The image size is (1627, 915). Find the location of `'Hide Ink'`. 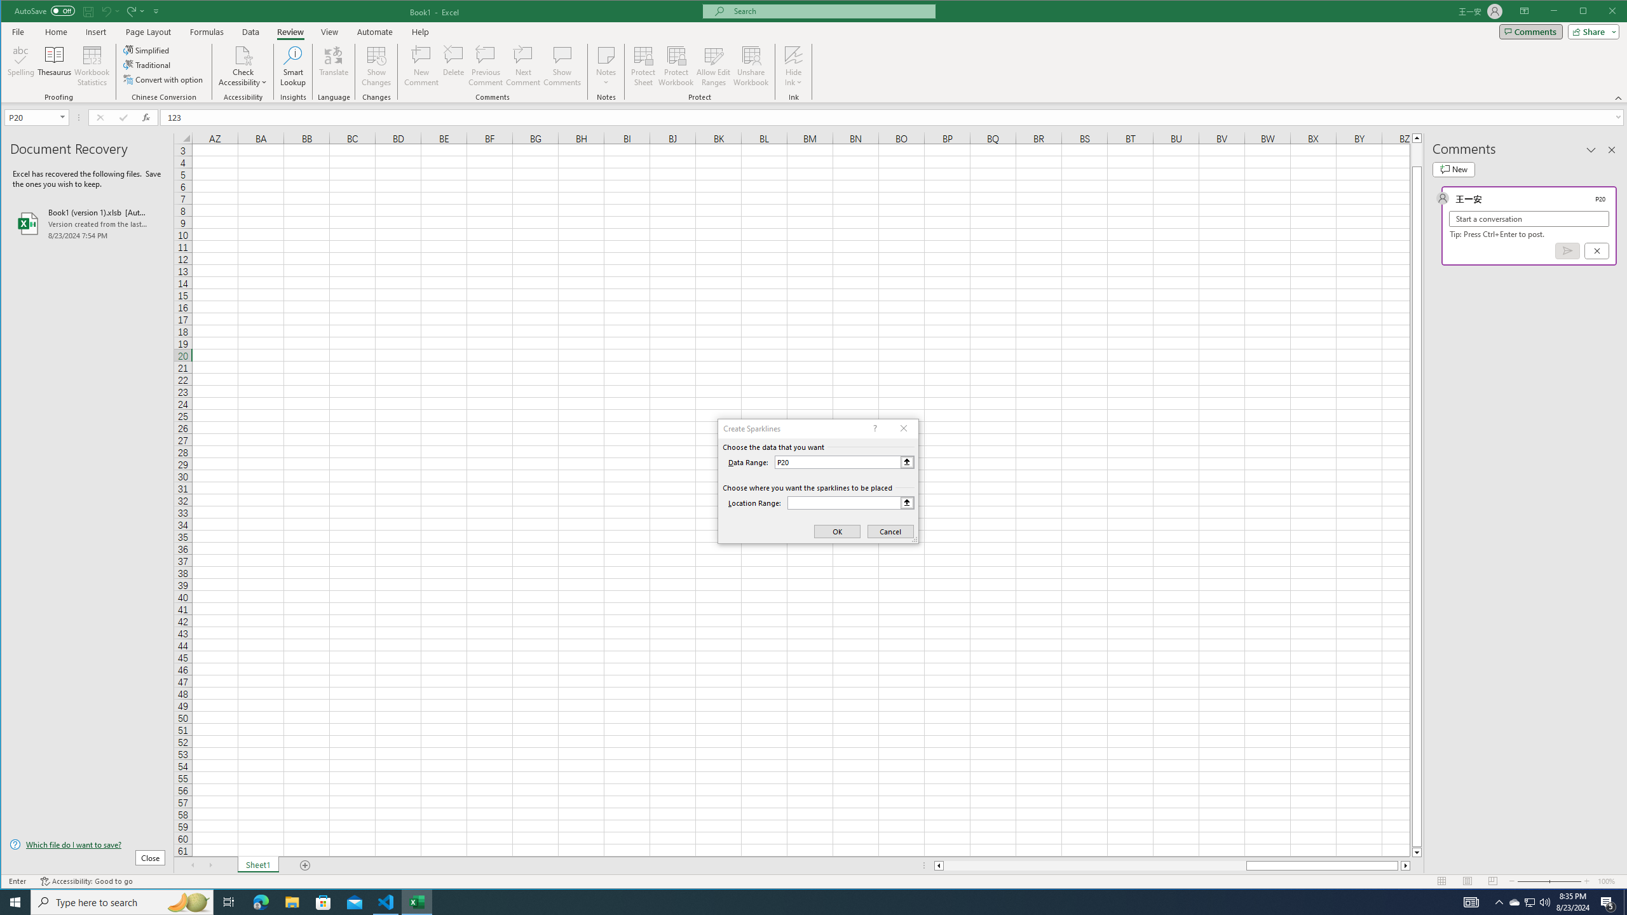

'Hide Ink' is located at coordinates (793, 54).